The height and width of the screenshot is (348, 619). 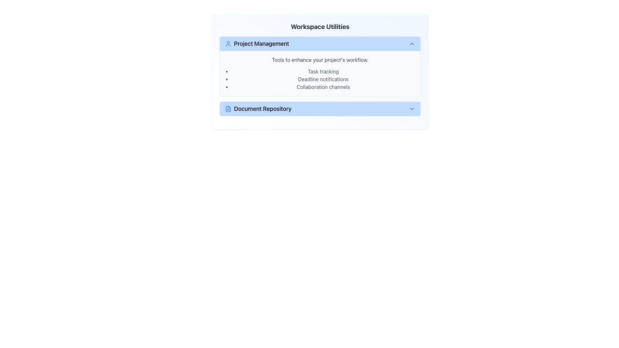 What do you see at coordinates (261, 43) in the screenshot?
I see `the 'Project Management' header text located in the top-left section of the blue-highlighted area in the 'Workspace Utilities' panel, next to the blue user silhouette icon` at bounding box center [261, 43].